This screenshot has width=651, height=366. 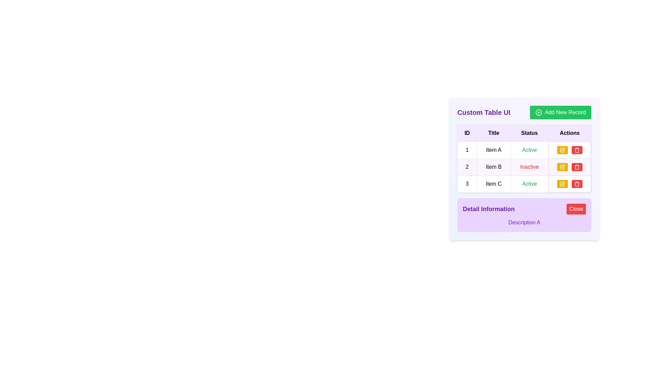 What do you see at coordinates (576, 209) in the screenshot?
I see `the red 'Close' button with white text` at bounding box center [576, 209].